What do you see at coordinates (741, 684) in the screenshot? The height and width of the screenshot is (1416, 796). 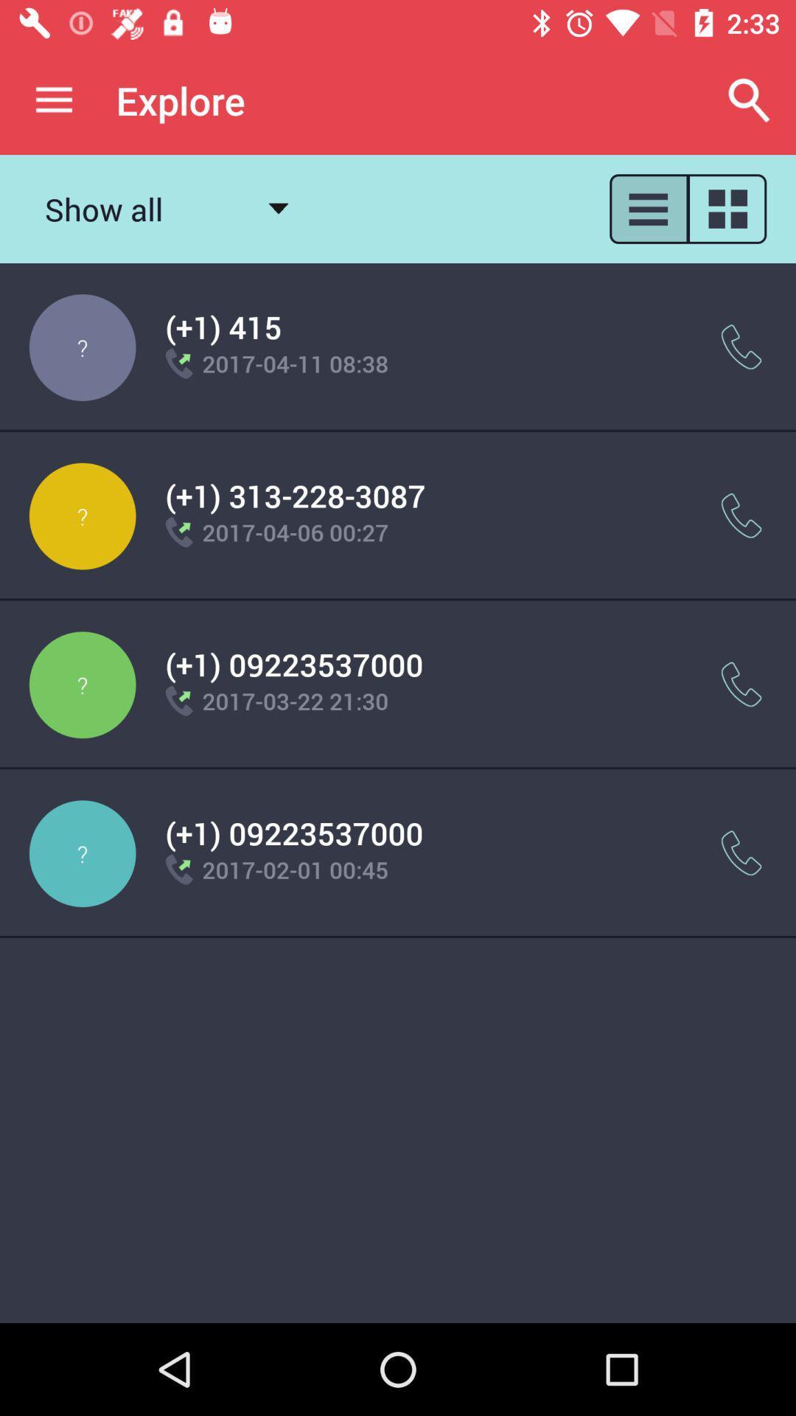 I see `the item next to the (+1) 09223537000` at bounding box center [741, 684].